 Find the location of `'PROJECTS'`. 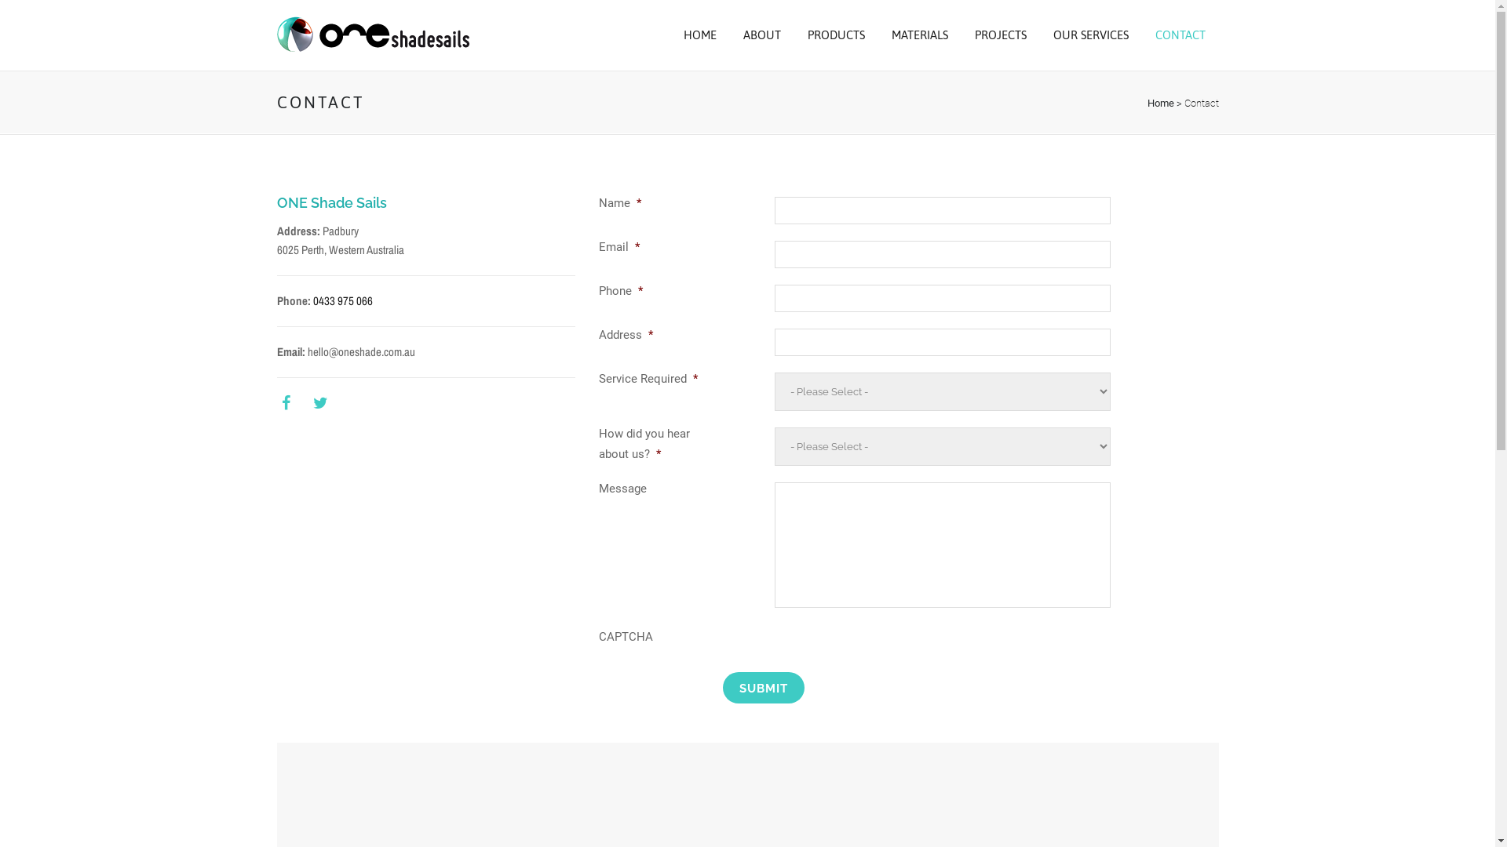

'PROJECTS' is located at coordinates (998, 35).